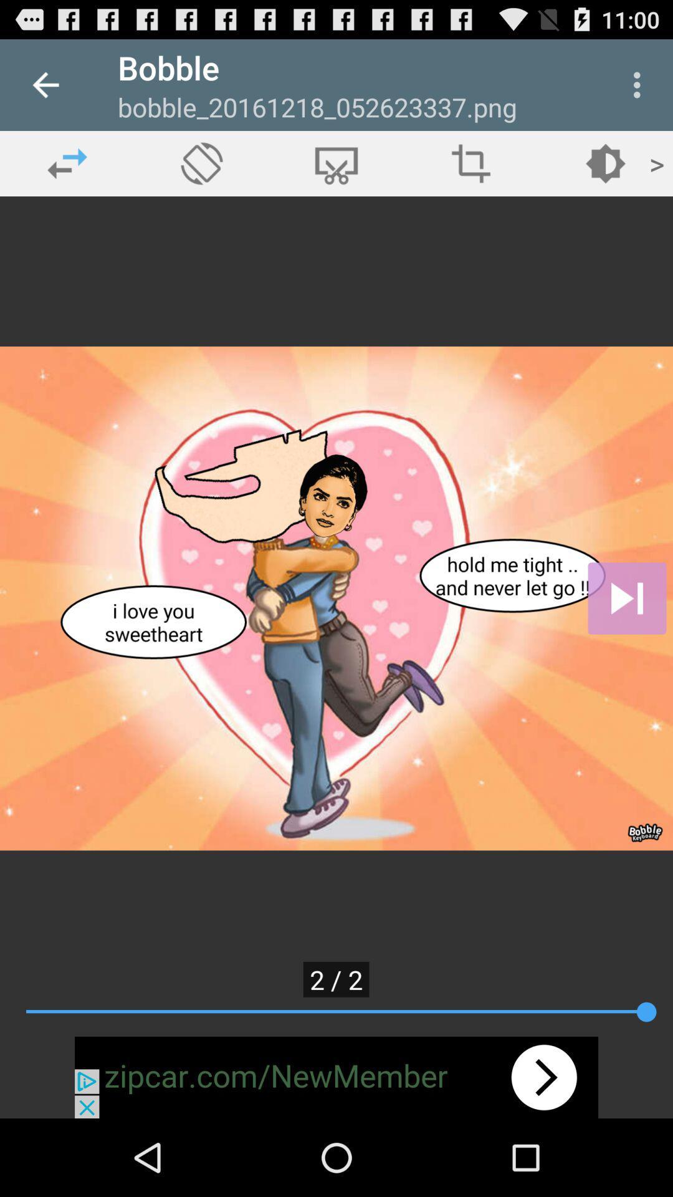 The image size is (673, 1197). Describe the element at coordinates (201, 163) in the screenshot. I see `turn screen alignment` at that location.